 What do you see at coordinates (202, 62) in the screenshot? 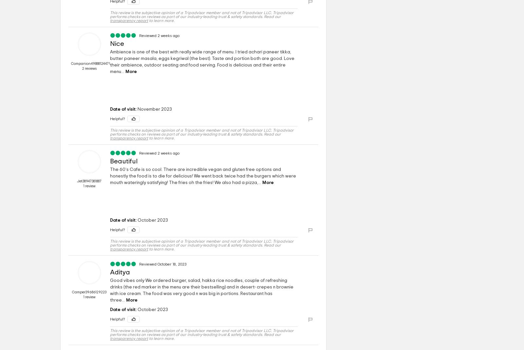
I see `'Ambience is one of the best with really wide range of menu. I tried achari paneer tikka, butter paneer masala, eggs kegriwal (the best). Taste and portion both are good. Love their ambience, outdoor seating and food serving. Food is delicious and their entire menu...'` at bounding box center [202, 62].